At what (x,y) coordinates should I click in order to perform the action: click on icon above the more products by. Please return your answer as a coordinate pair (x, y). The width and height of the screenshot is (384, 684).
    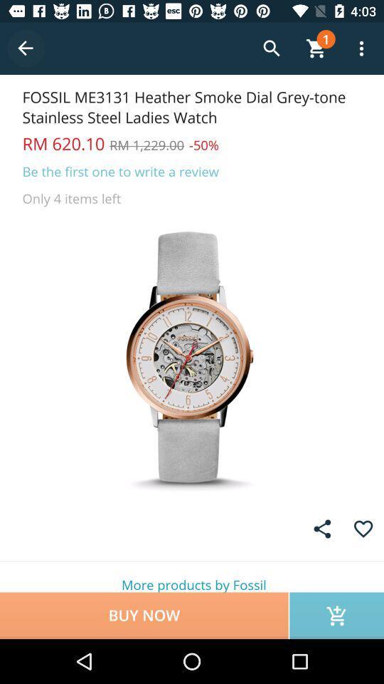
    Looking at the image, I should click on (322, 528).